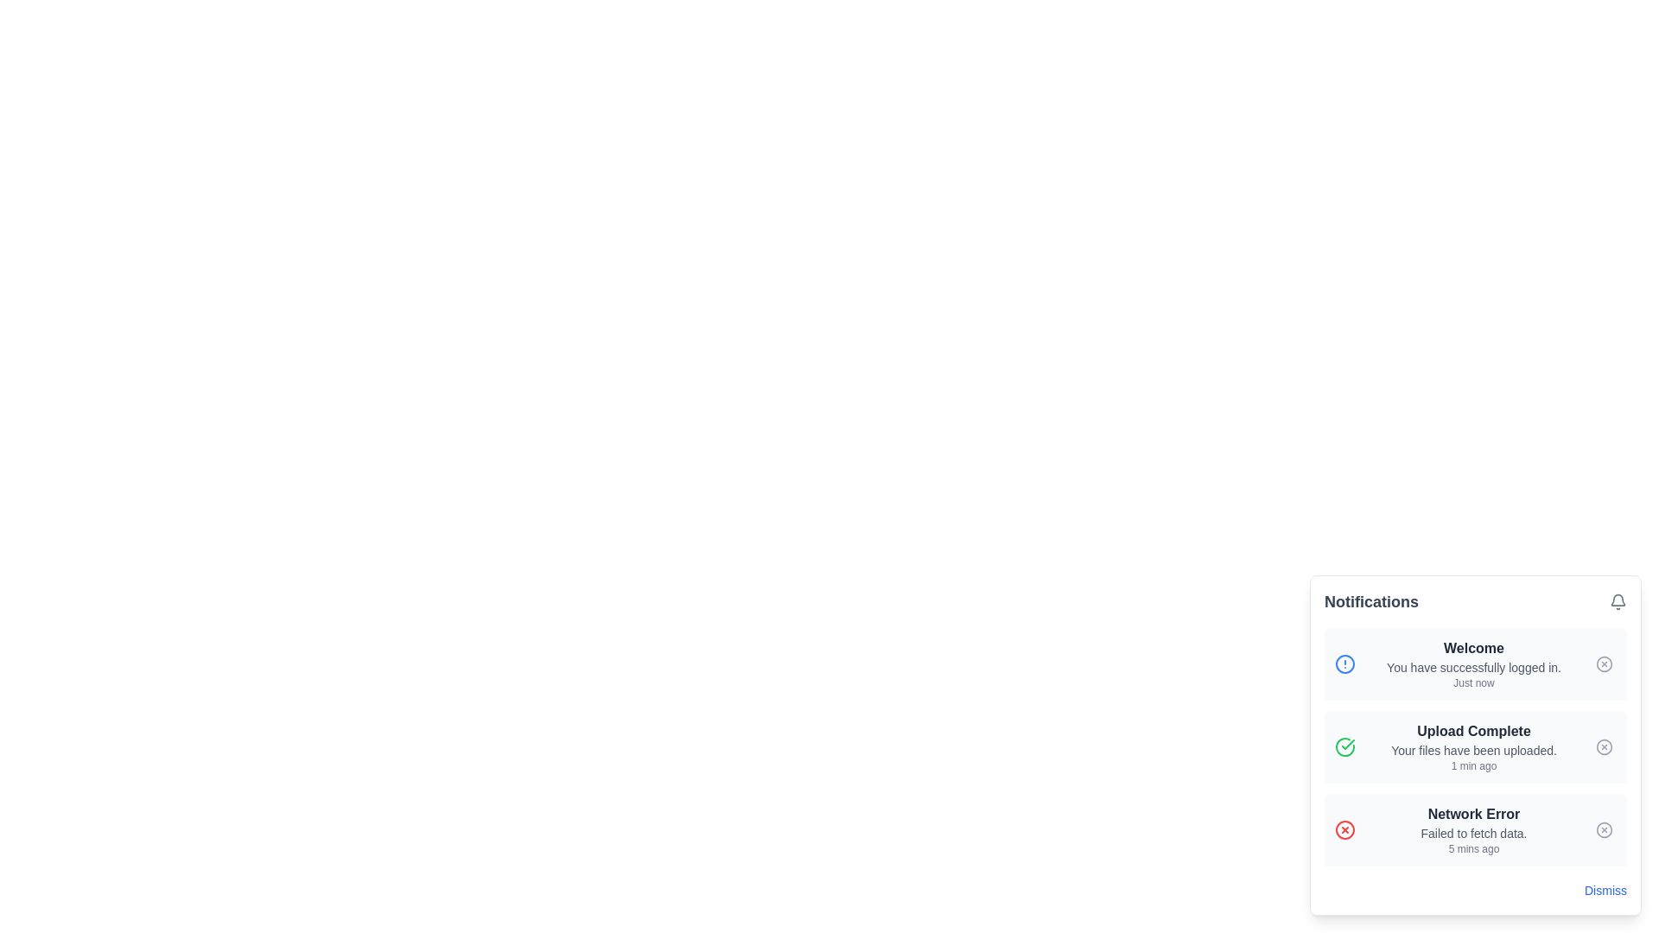 Image resolution: width=1659 pixels, height=933 pixels. I want to click on welcome message notification displayed in the Notifications panel, which includes 'Welcome', 'You have successfully logged in.', and 'Just now', so click(1472, 663).